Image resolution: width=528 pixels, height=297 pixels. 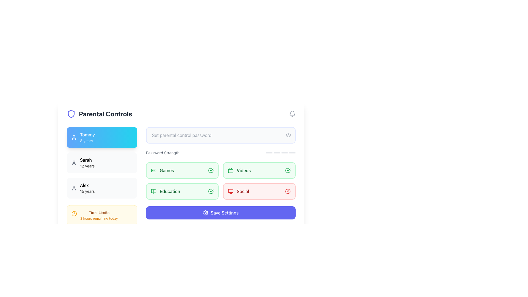 I want to click on the 'Save Settings' button, which is a blue rectangular button with white text, positioned near the bottom center of the interface, so click(x=224, y=213).